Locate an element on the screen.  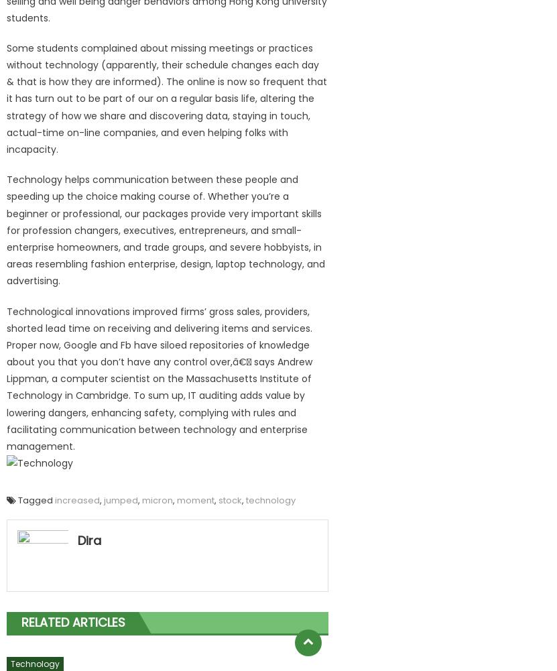
'Tagged' is located at coordinates (18, 500).